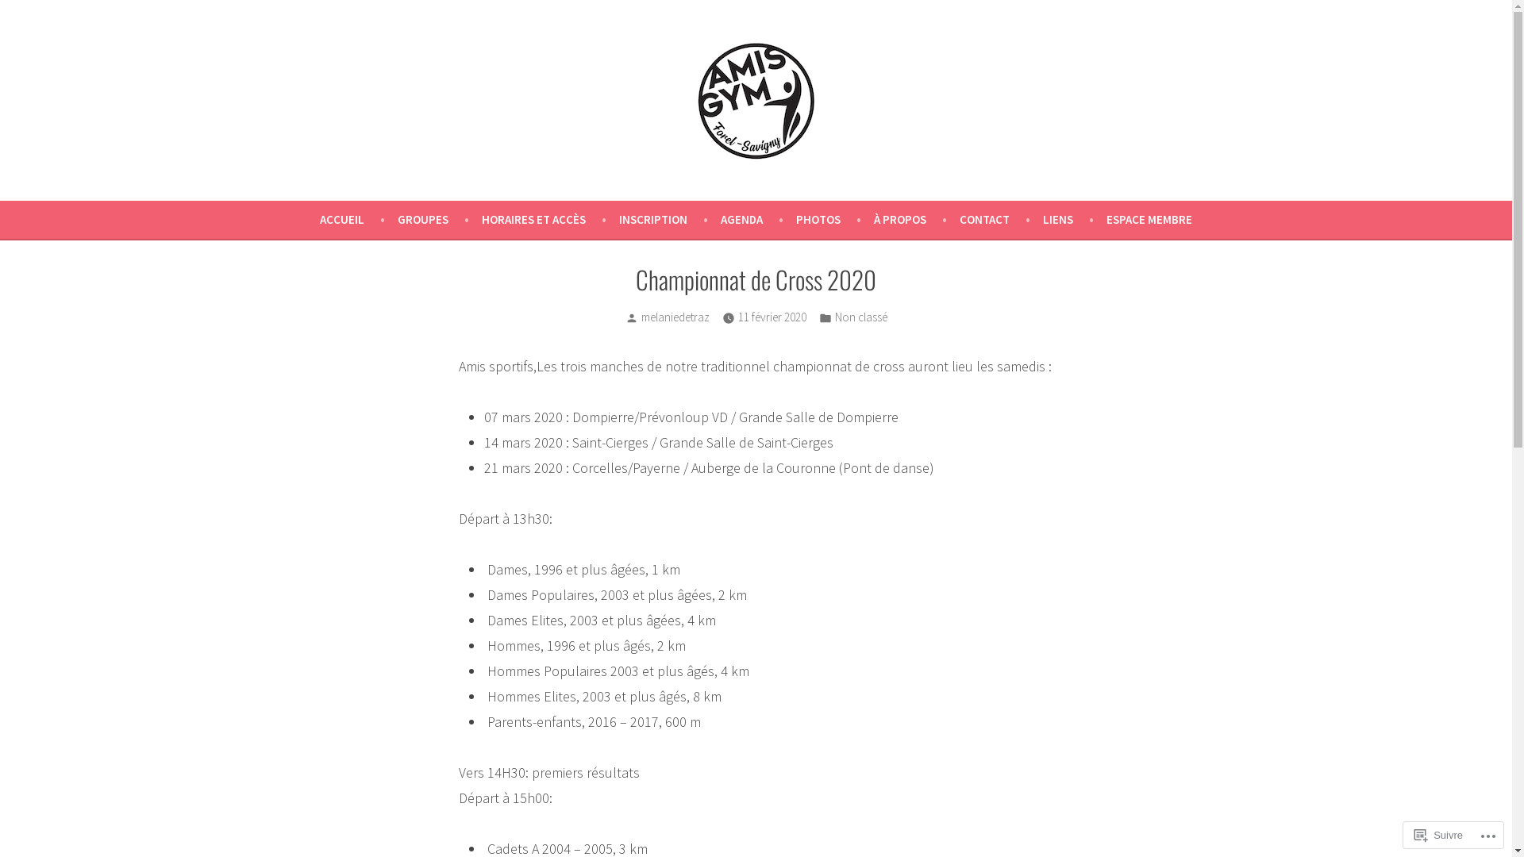 The width and height of the screenshot is (1524, 857). I want to click on 'ESPACE MEMBRE', so click(1105, 220).